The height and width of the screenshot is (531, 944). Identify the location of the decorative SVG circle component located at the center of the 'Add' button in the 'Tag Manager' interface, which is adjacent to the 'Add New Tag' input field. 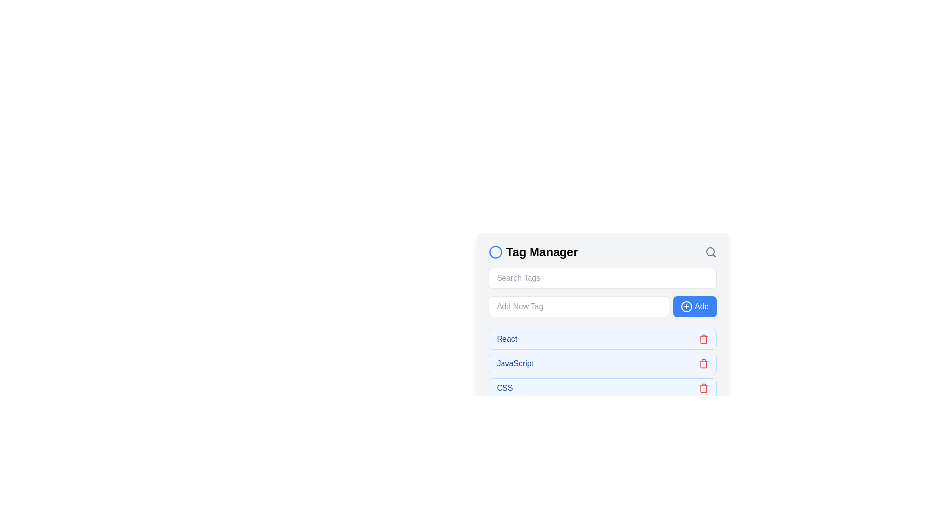
(686, 306).